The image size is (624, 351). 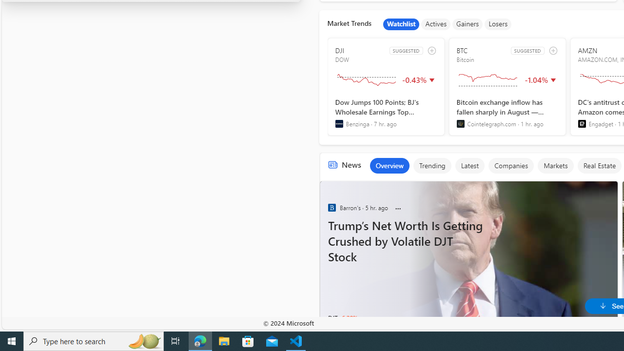 I want to click on 'Gainers', so click(x=467, y=24).